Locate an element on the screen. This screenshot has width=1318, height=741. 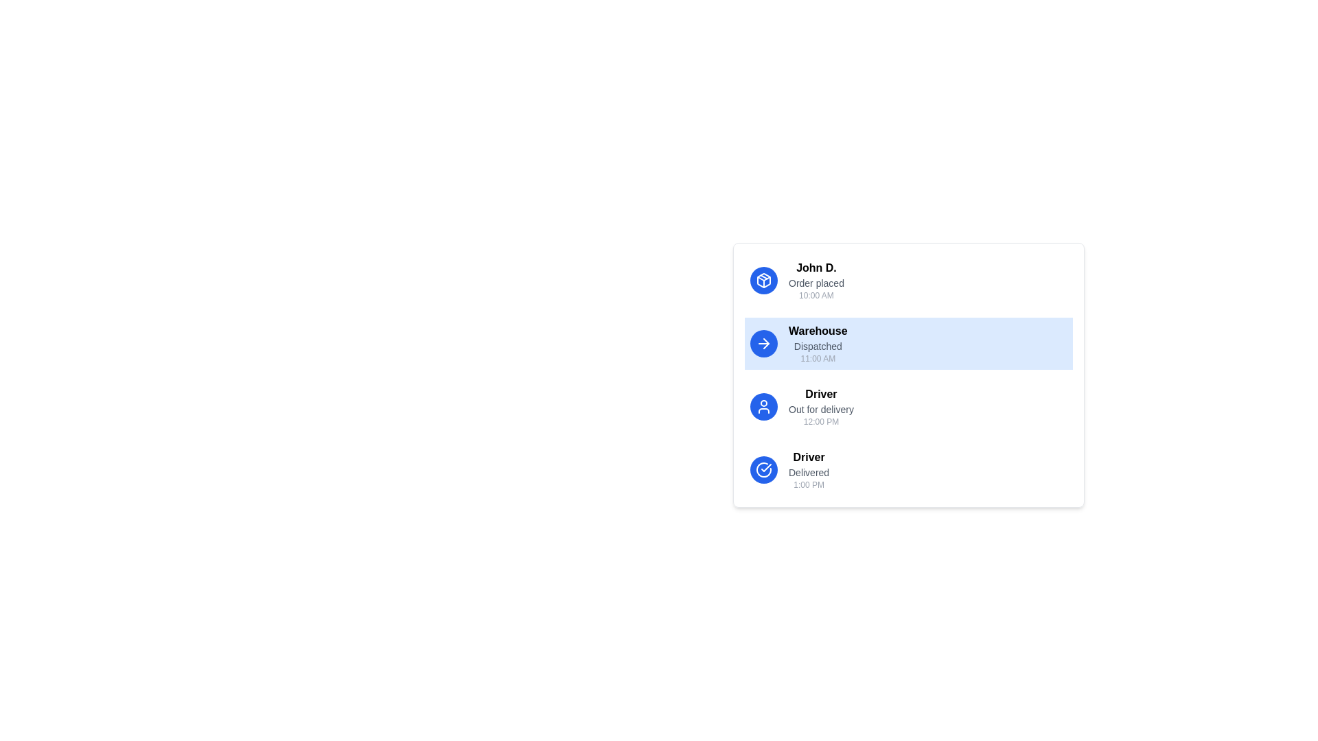
the status update list item indicating that the package has been dispatched from the warehouse at 11:00 AM, which is the second item in the vertical list is located at coordinates (909, 375).